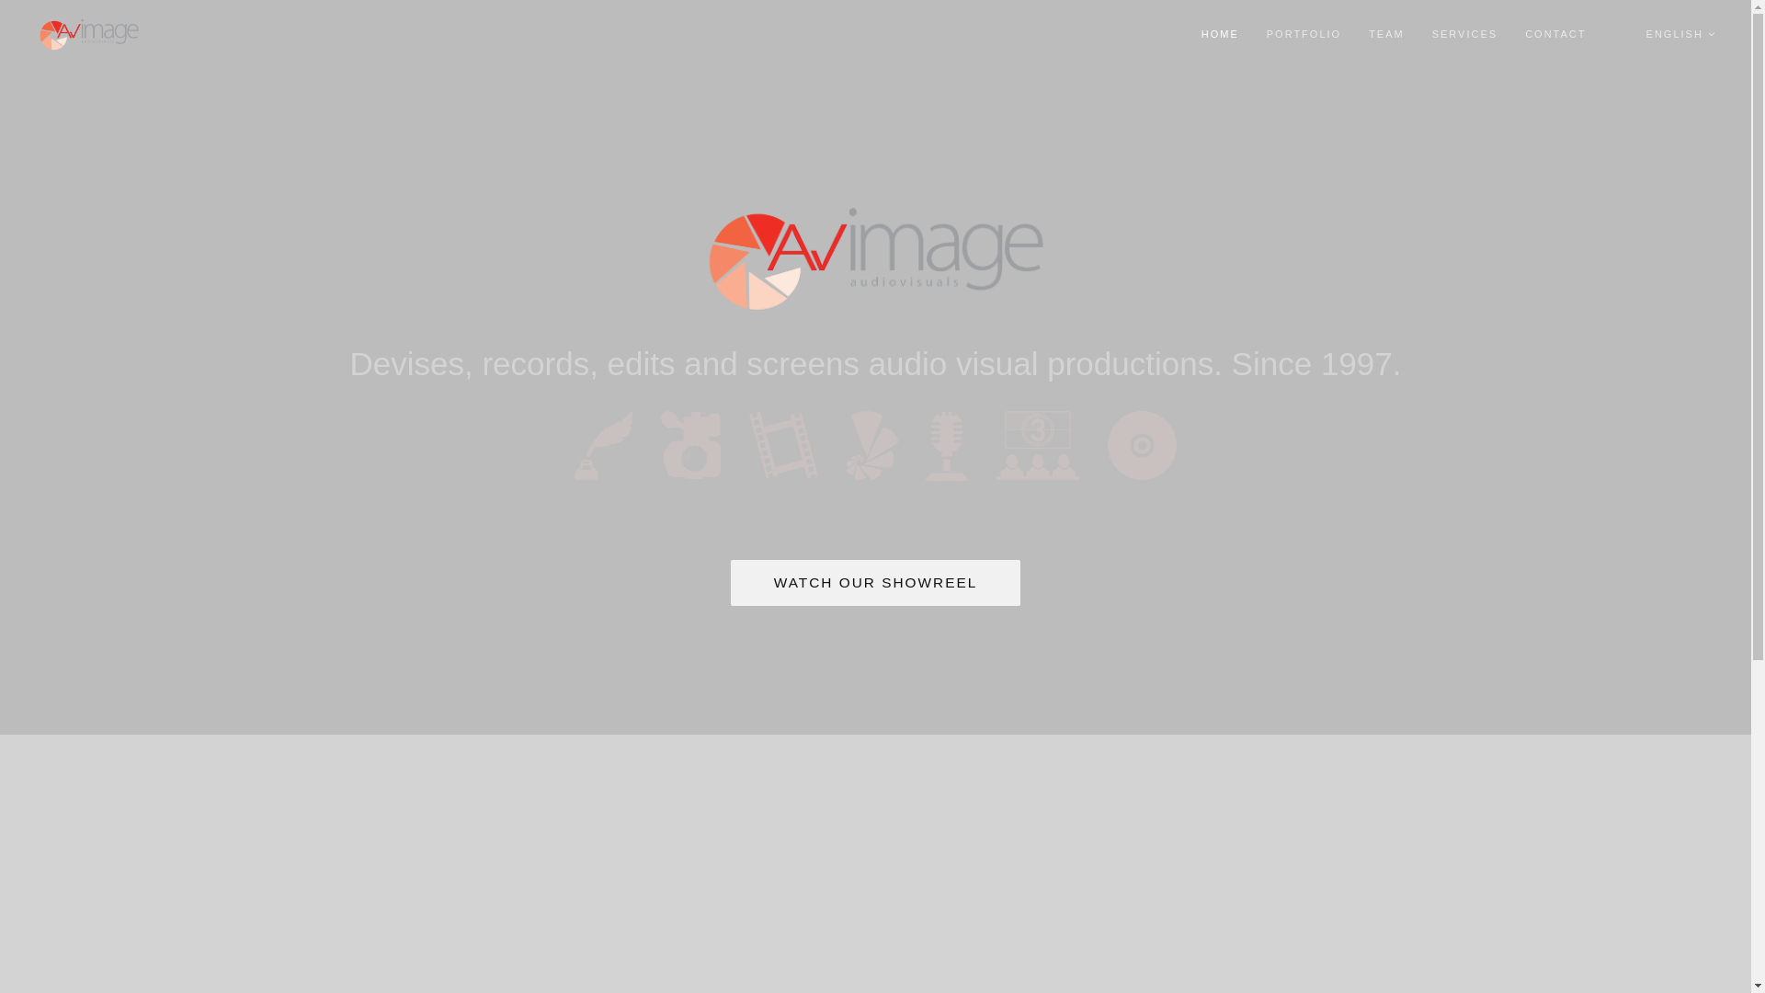  What do you see at coordinates (1386, 34) in the screenshot?
I see `'TEAM'` at bounding box center [1386, 34].